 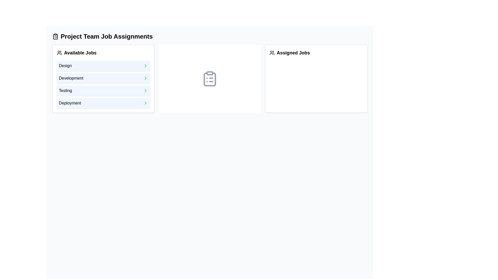 I want to click on the second item in the vertically-arranged list under the 'Available Jobs' section, so click(x=103, y=78).